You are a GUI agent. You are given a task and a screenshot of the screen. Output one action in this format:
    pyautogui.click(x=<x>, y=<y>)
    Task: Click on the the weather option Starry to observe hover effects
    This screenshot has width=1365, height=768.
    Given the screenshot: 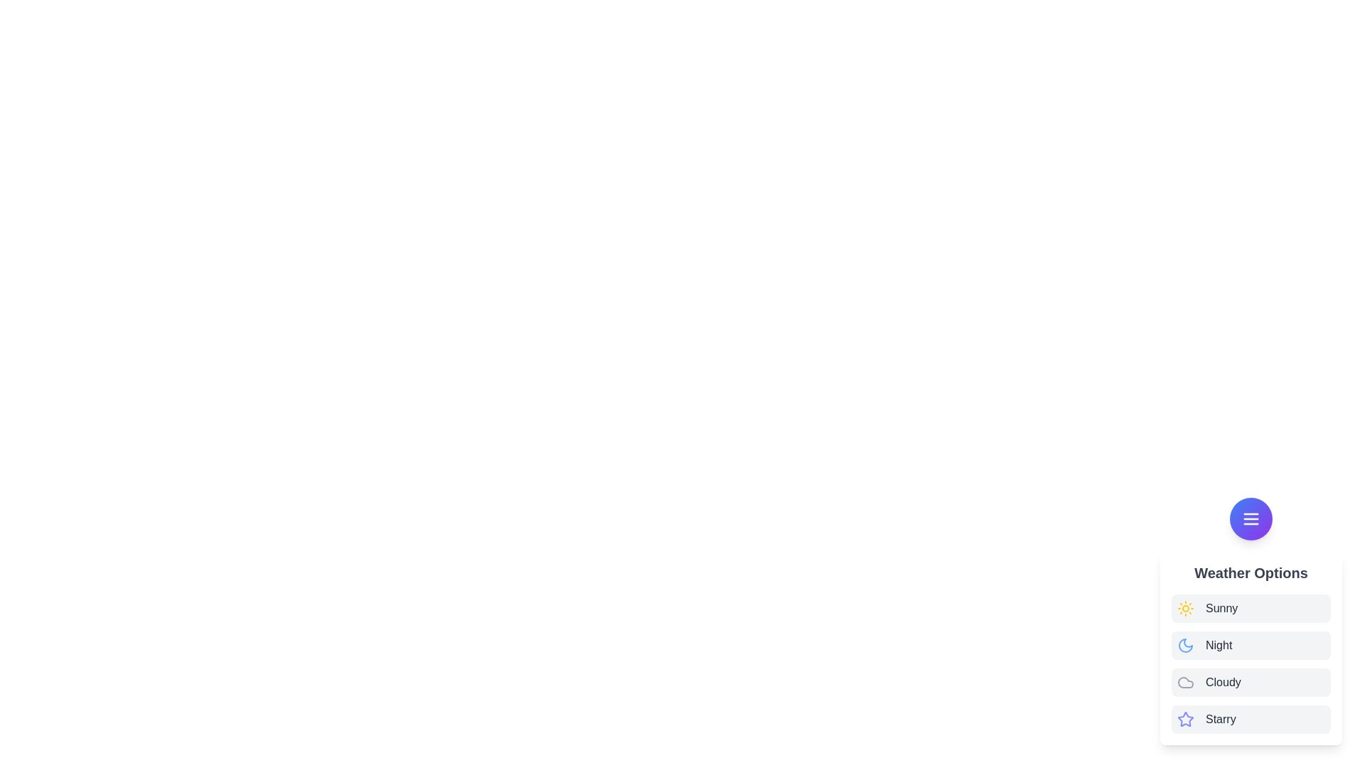 What is the action you would take?
    pyautogui.click(x=1251, y=719)
    